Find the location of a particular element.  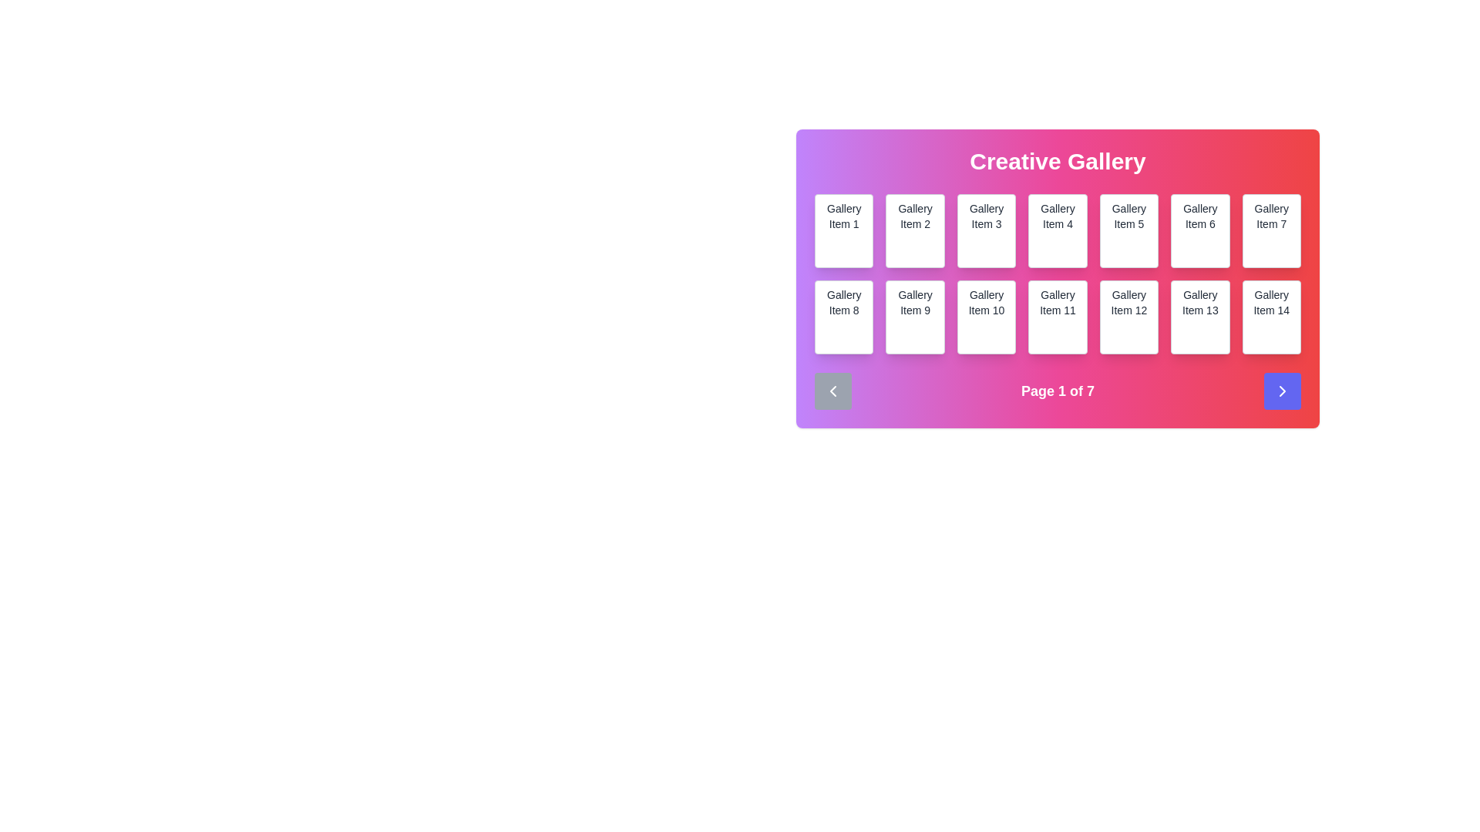

the static card element labeled 'Gallery Item 4', which has a white background, rounded corners, and is positioned in the first row, fourth column of the grid layout is located at coordinates (1057, 231).